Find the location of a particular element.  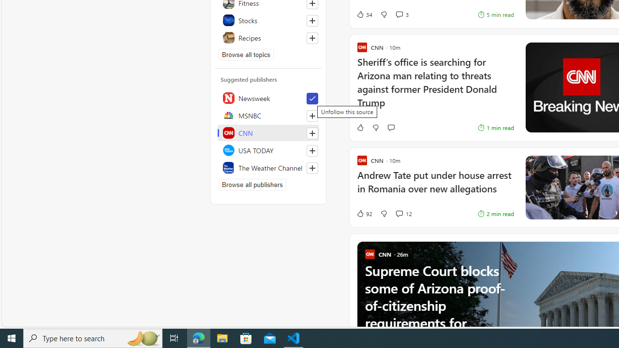

'Browse all topics' is located at coordinates (246, 55).